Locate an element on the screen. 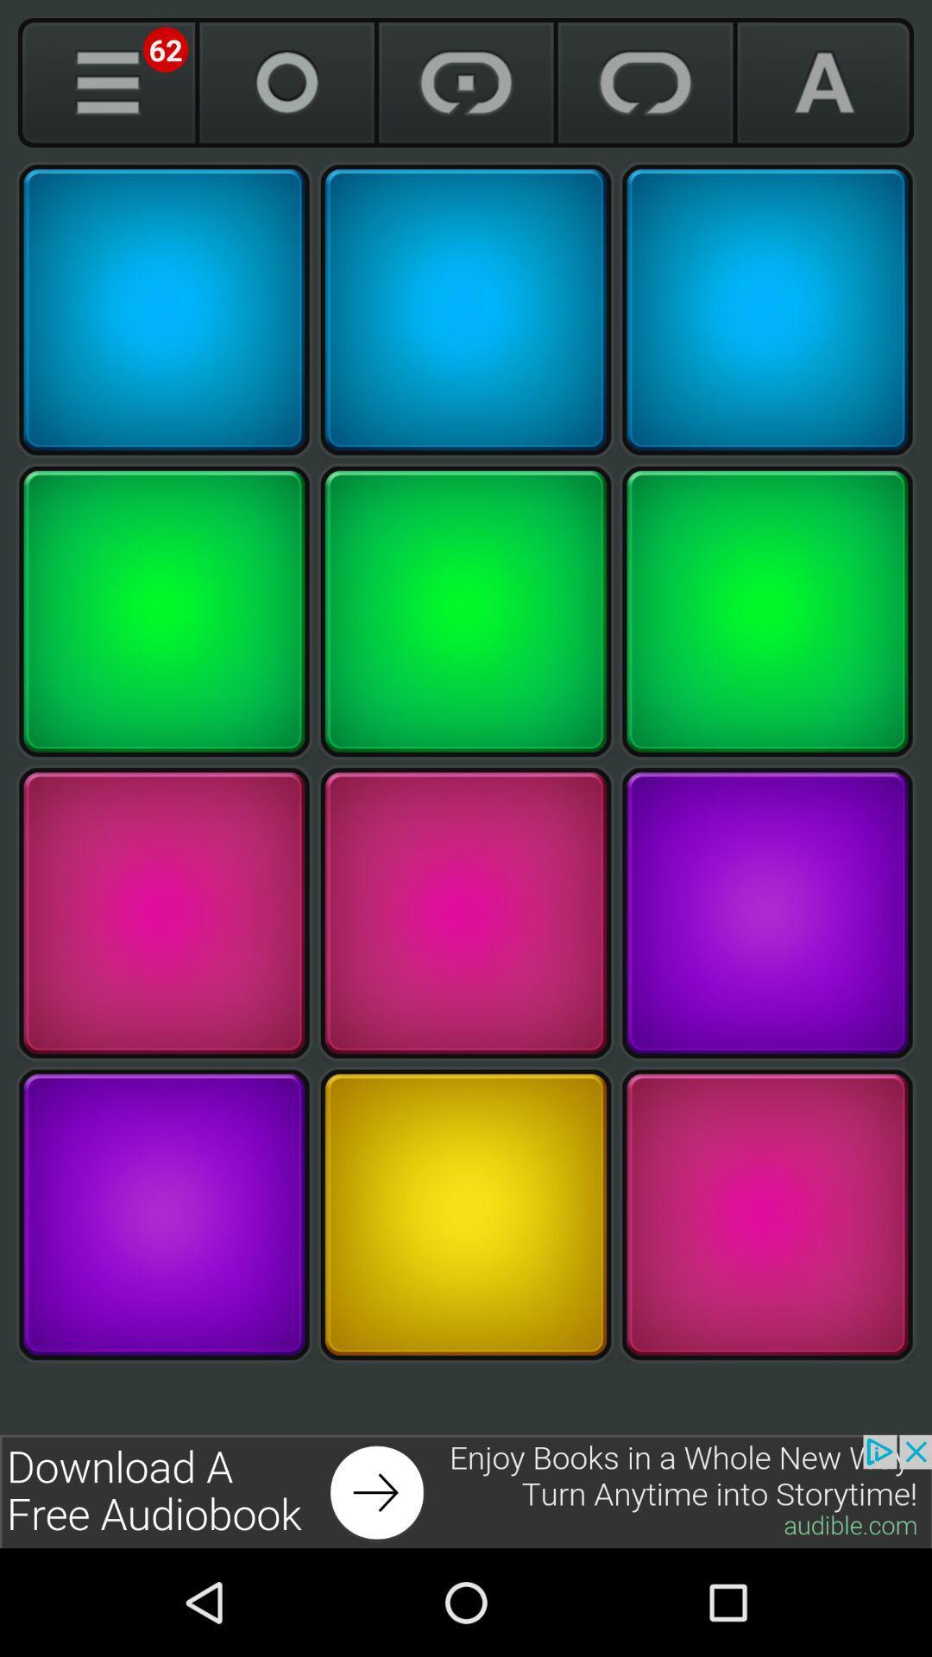 Image resolution: width=932 pixels, height=1657 pixels. pink color is located at coordinates (766, 1213).